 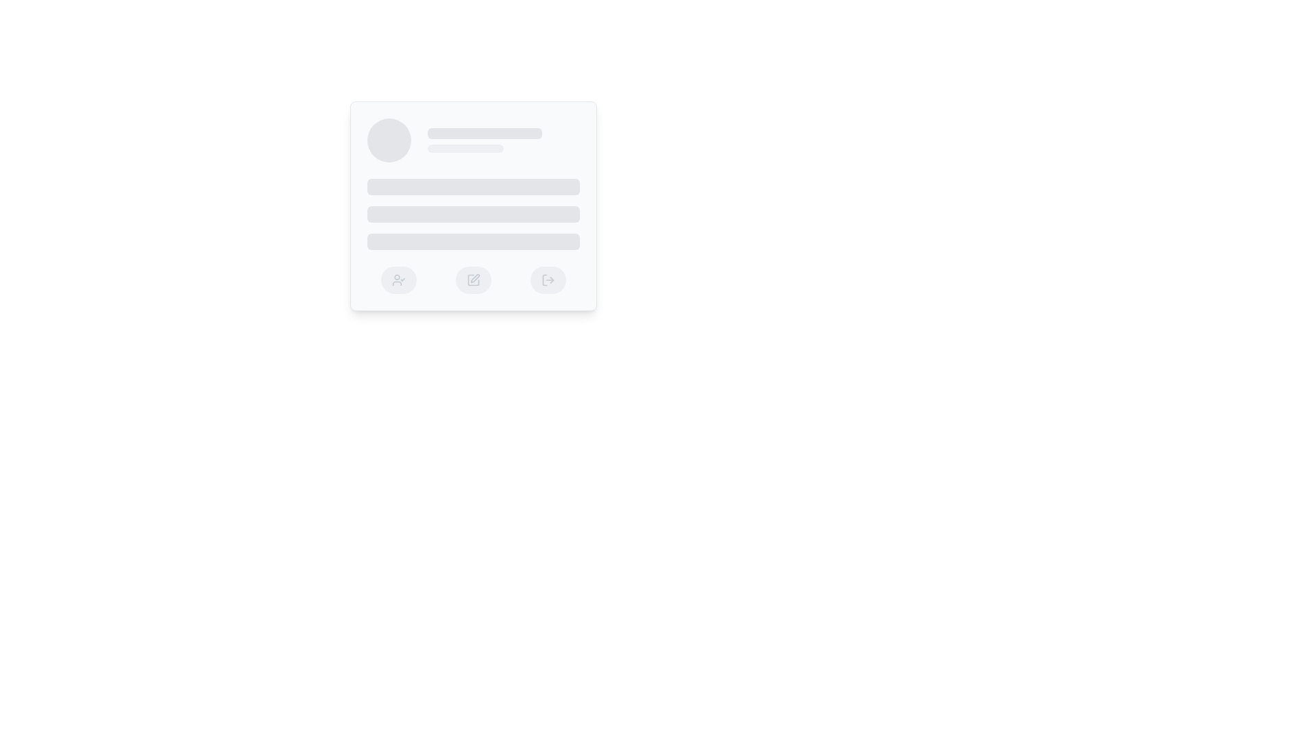 What do you see at coordinates (474, 241) in the screenshot?
I see `the loading indicator element, which is a rectangular shape with rounded corners and a uniform gray color, positioned as the third element in a vertical stack of three similar components` at bounding box center [474, 241].